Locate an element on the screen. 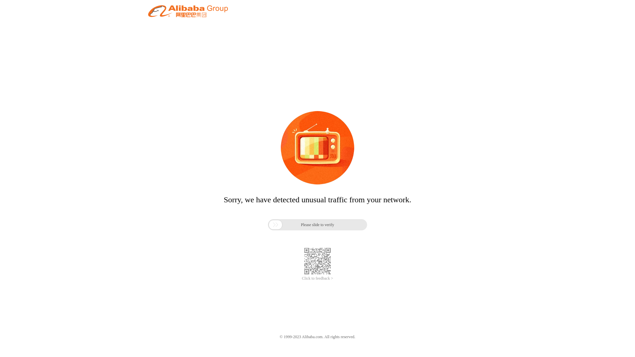  'Click to feedback >' is located at coordinates (301, 278).